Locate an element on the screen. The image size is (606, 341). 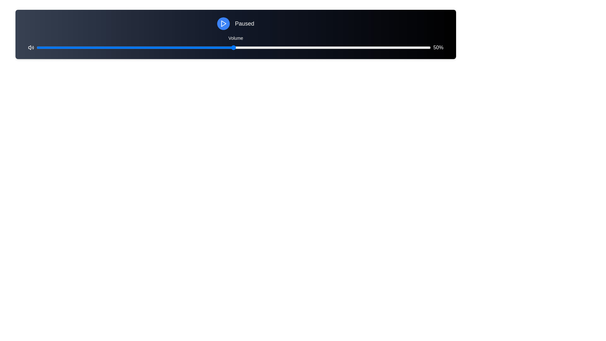
the volume is located at coordinates (198, 47).